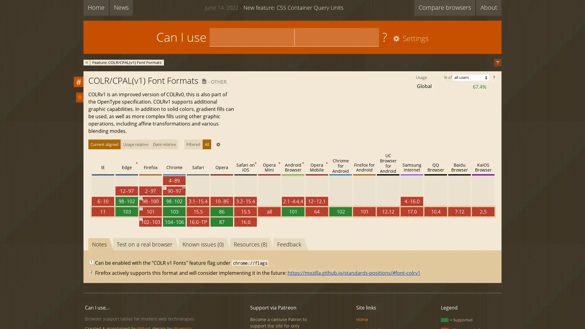  What do you see at coordinates (409, 39) in the screenshot?
I see `Settings` at bounding box center [409, 39].